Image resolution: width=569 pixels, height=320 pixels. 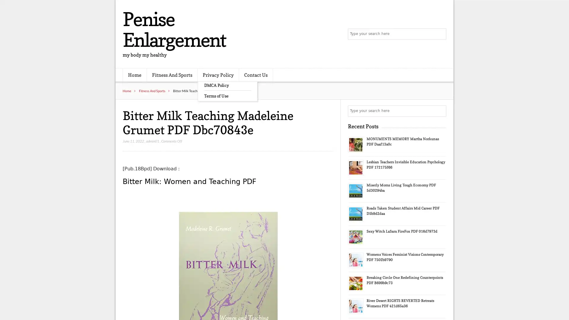 What do you see at coordinates (440, 111) in the screenshot?
I see `Search` at bounding box center [440, 111].